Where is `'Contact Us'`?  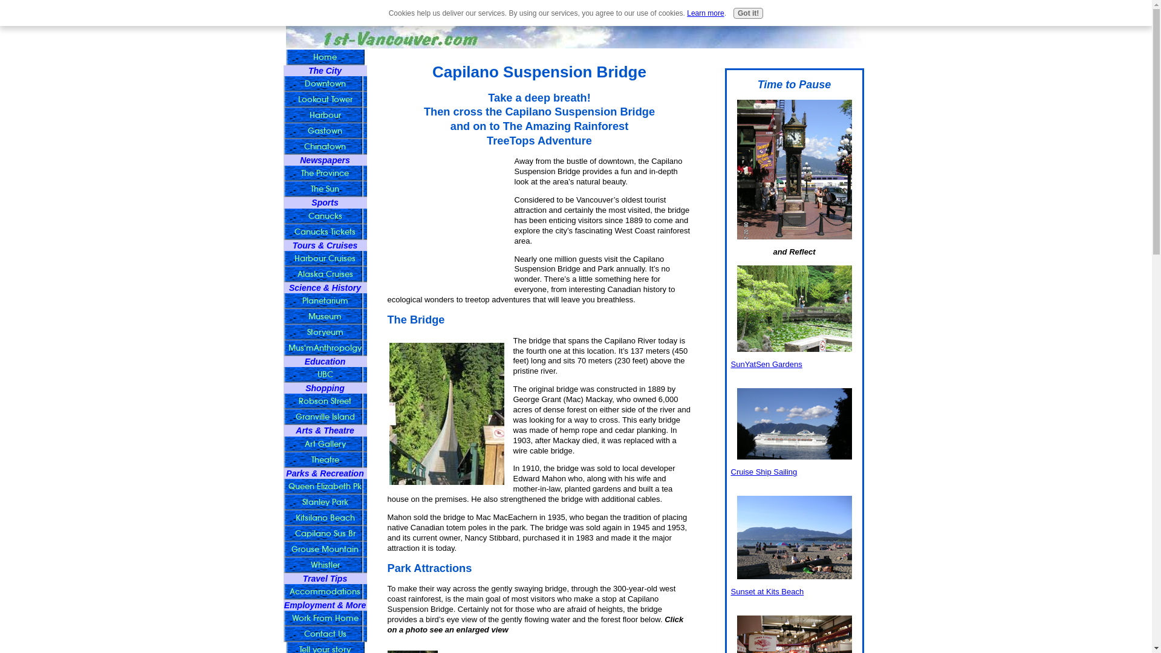
'Contact Us' is located at coordinates (325, 634).